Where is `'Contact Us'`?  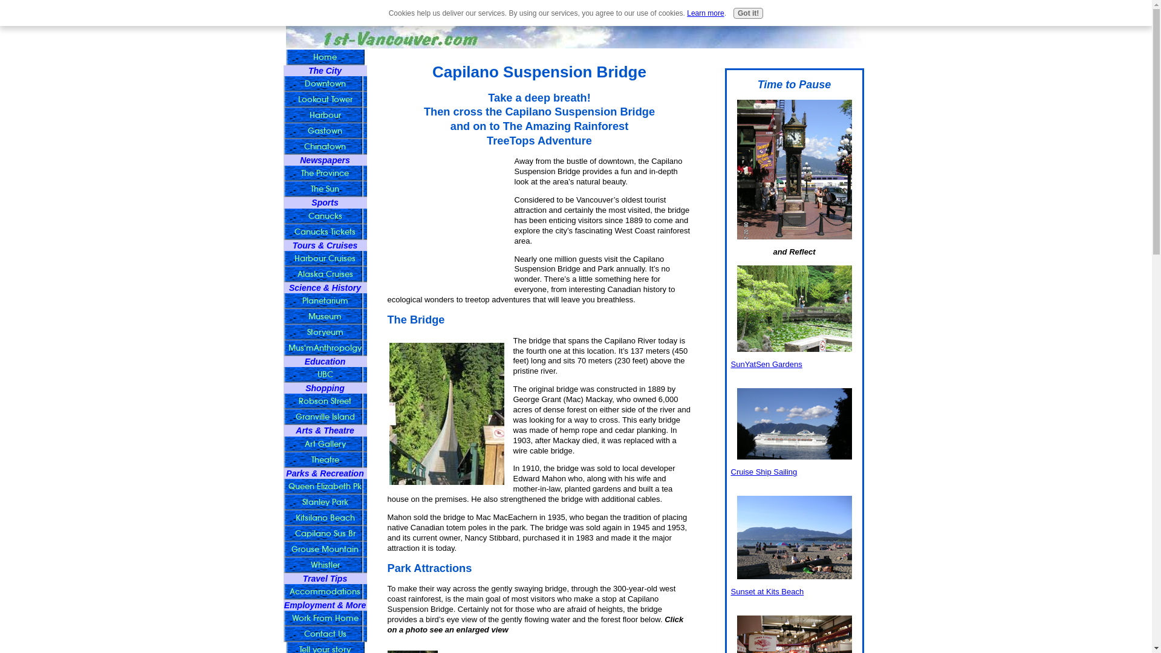
'Contact Us' is located at coordinates (325, 634).